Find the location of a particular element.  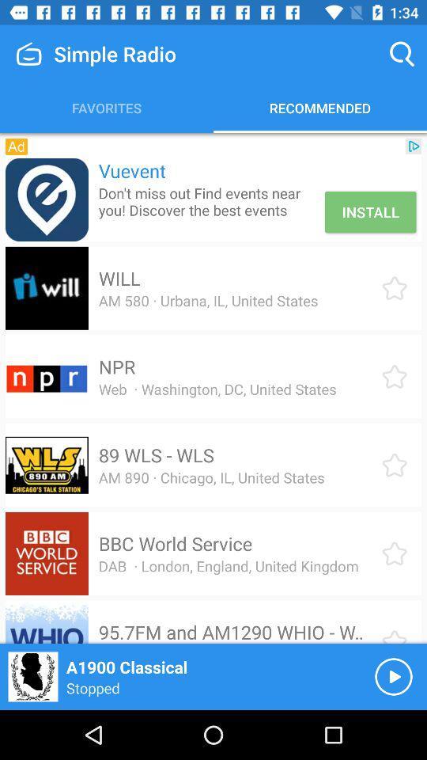

the item below the vuevent is located at coordinates (209, 200).